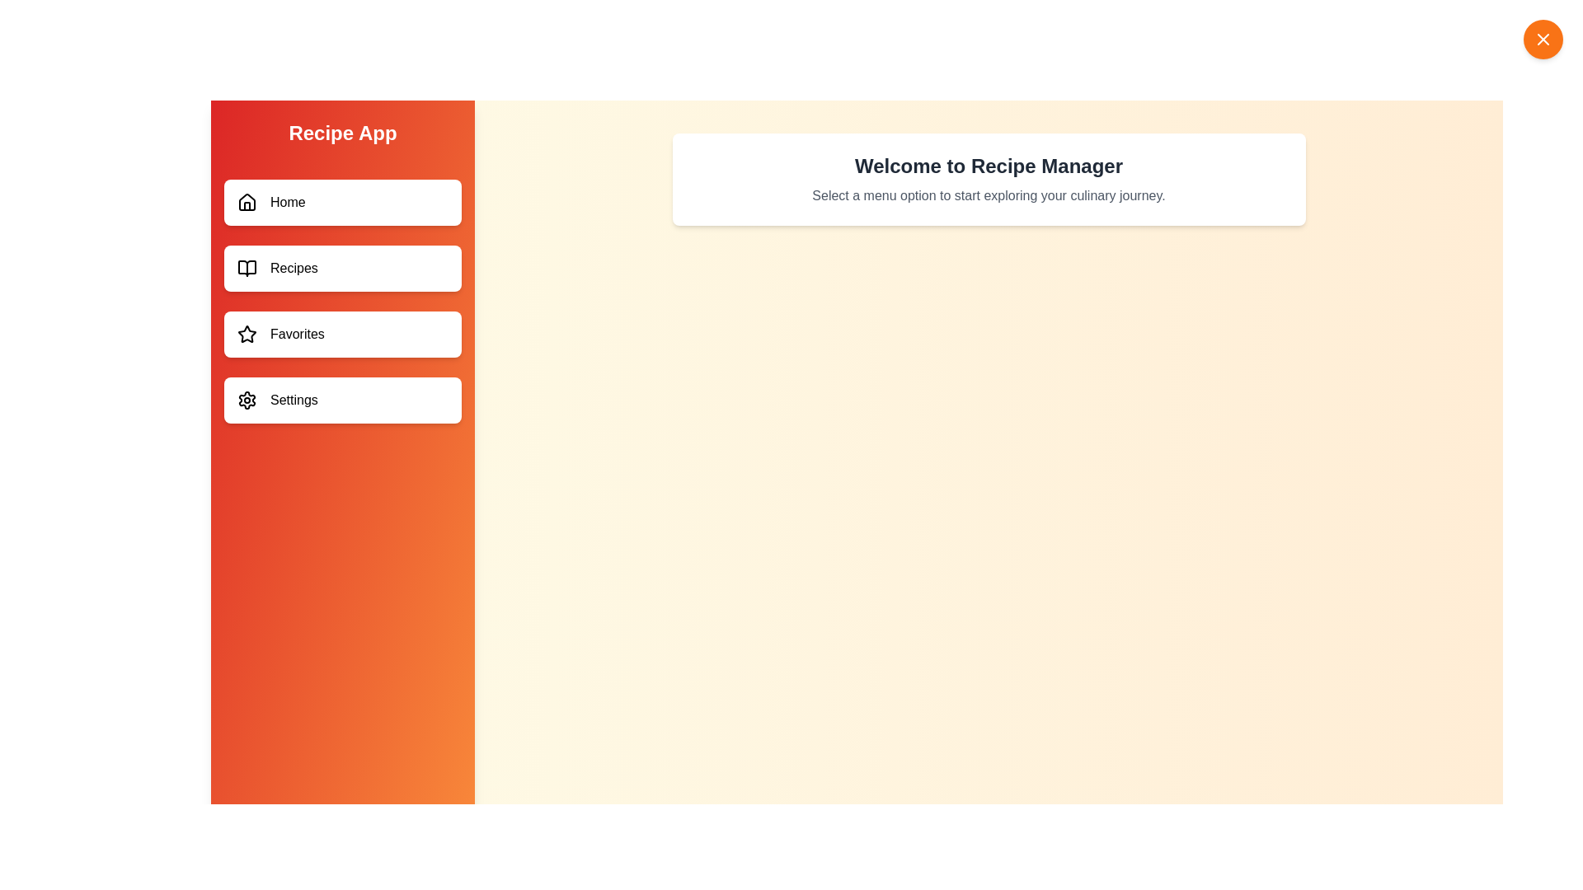  Describe the element at coordinates (342, 400) in the screenshot. I see `the menu item labeled Settings` at that location.